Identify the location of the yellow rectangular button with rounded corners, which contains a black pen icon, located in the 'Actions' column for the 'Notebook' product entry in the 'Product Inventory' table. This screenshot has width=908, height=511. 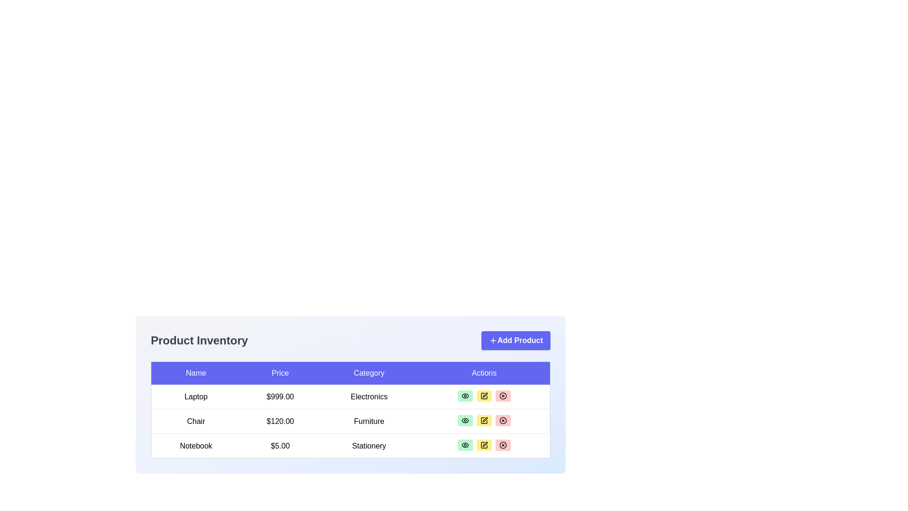
(484, 445).